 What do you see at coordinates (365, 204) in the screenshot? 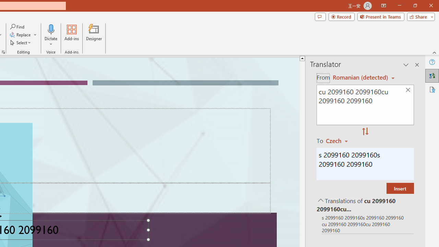
I see `'Translations of cu 2099160 2099160cu 2099160 2099160'` at bounding box center [365, 204].